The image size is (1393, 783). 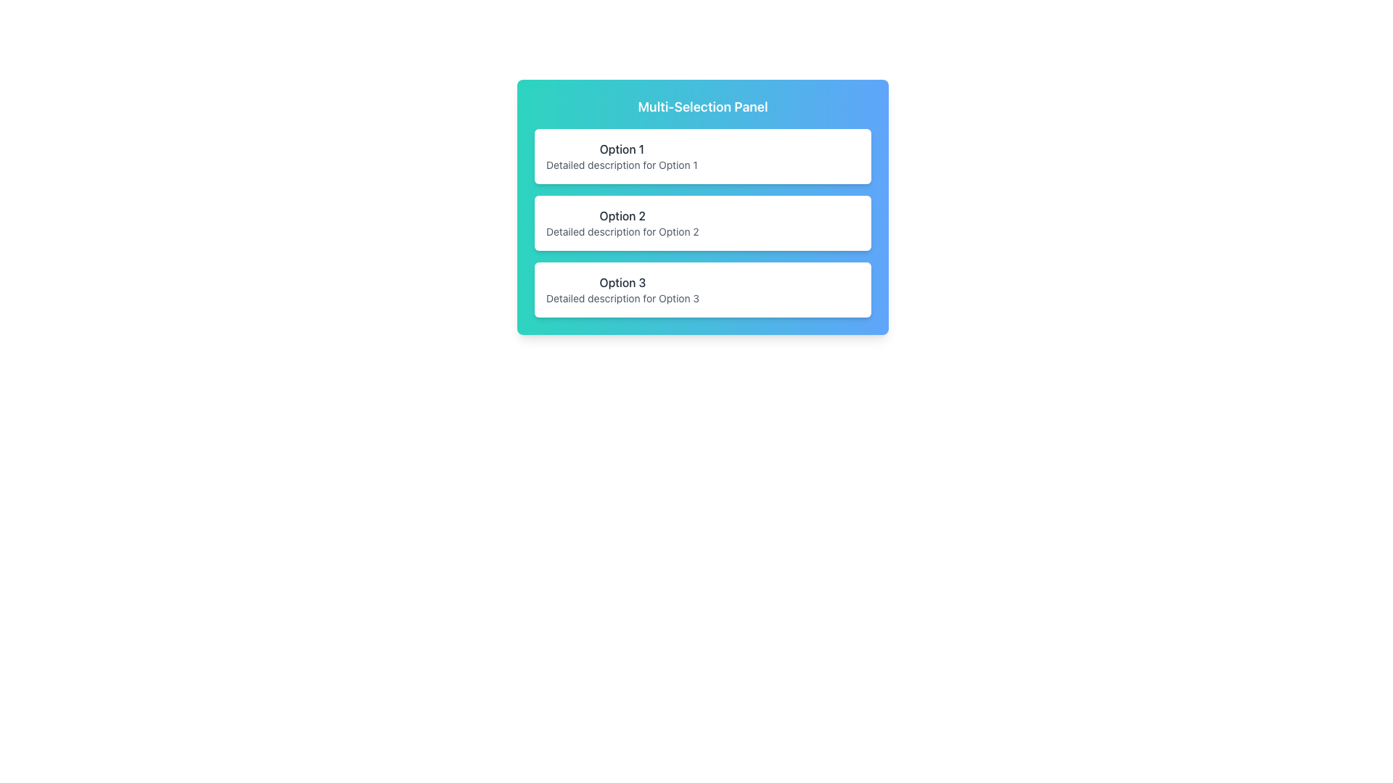 I want to click on the first Selectable Card option in the vertically stacked list, so click(x=703, y=157).